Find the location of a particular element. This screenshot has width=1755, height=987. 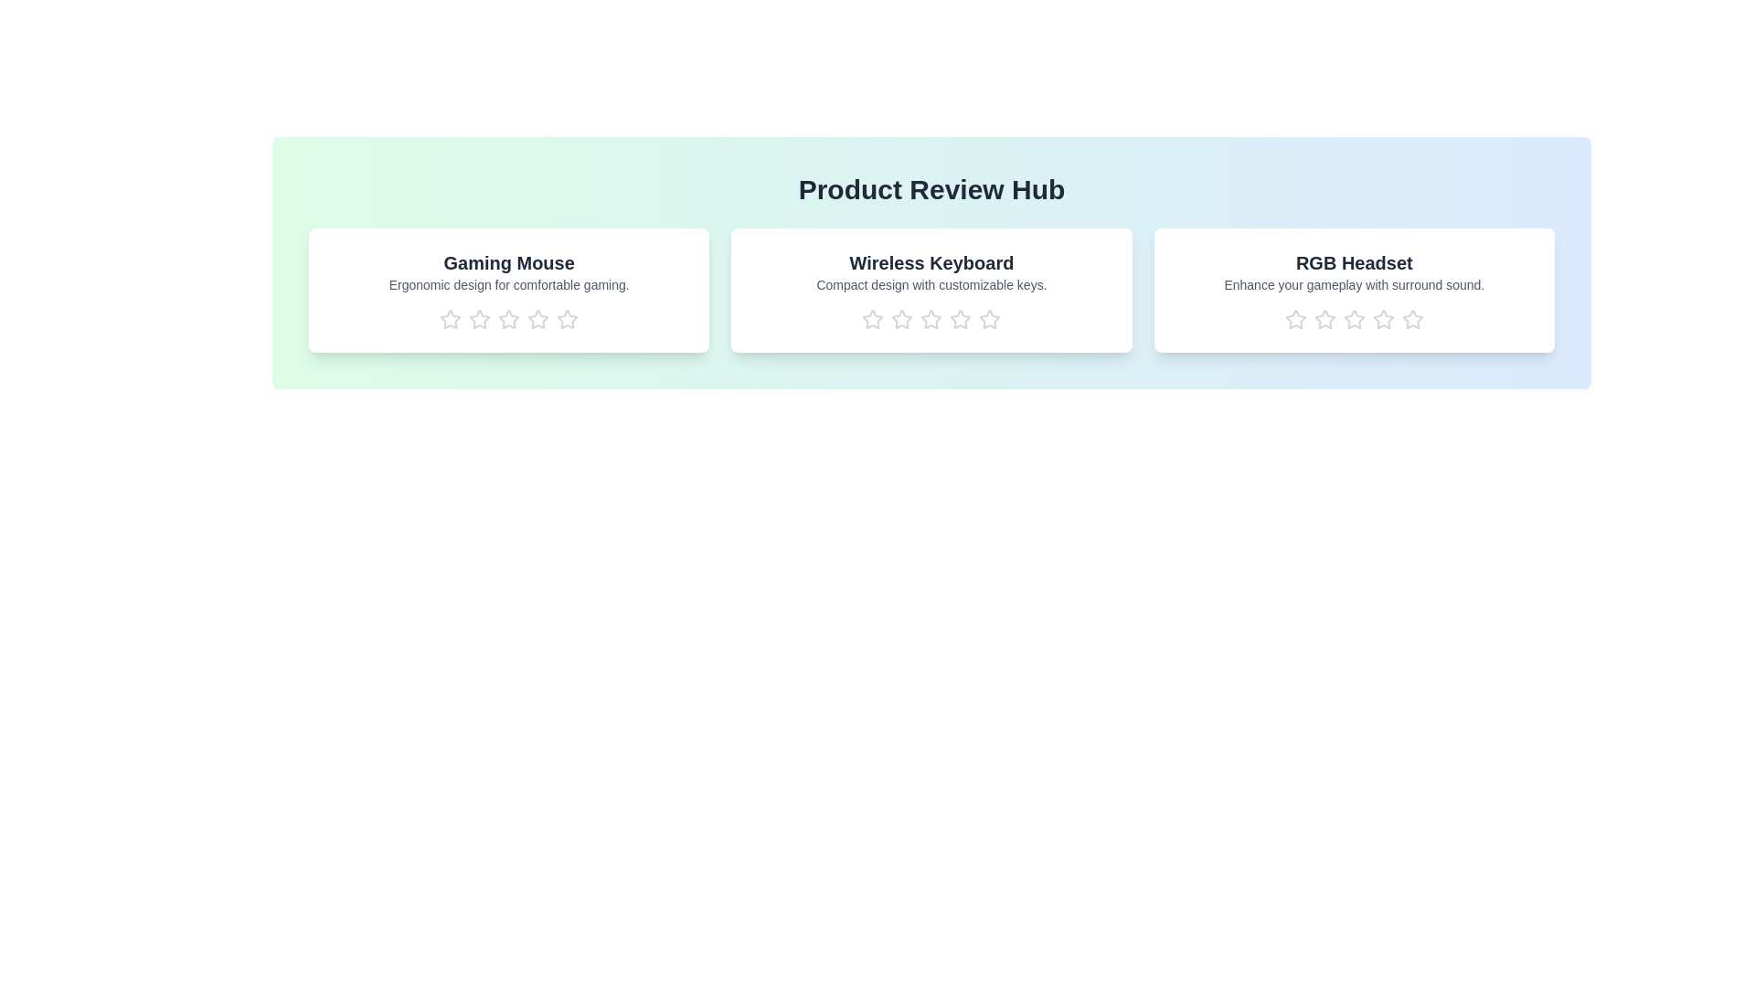

the rating for a product to 2 stars is located at coordinates (479, 319).